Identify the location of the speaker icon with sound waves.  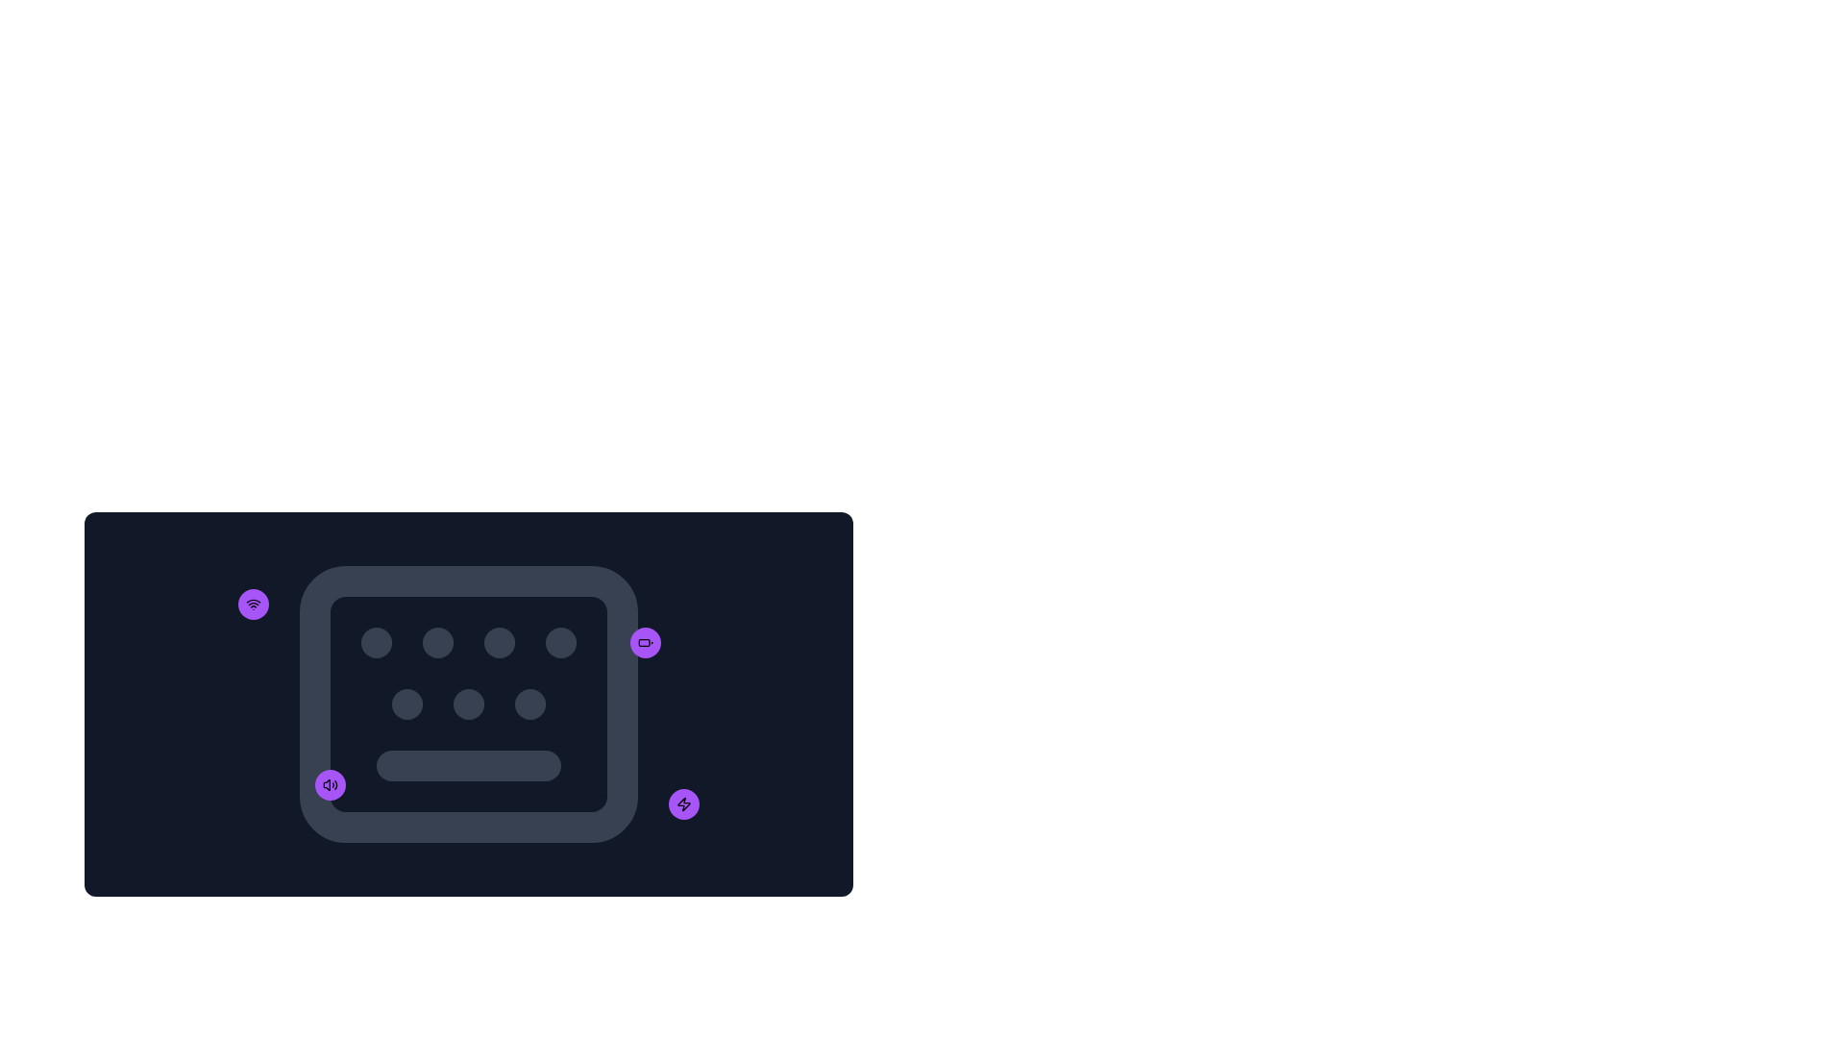
(331, 785).